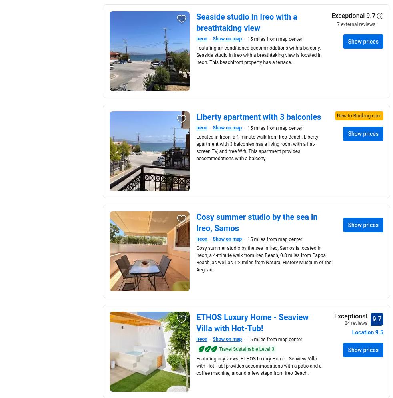 This screenshot has height=398, width=393. I want to click on 'Cosy summer studio by the sea in Ireo, Samos is located in Ireon, a 4-minute walk from İreo Beach, 0.8 miles from Pappa Beach, as well as 4.2 miles from Natural History Museum of the Aegean.', so click(263, 259).